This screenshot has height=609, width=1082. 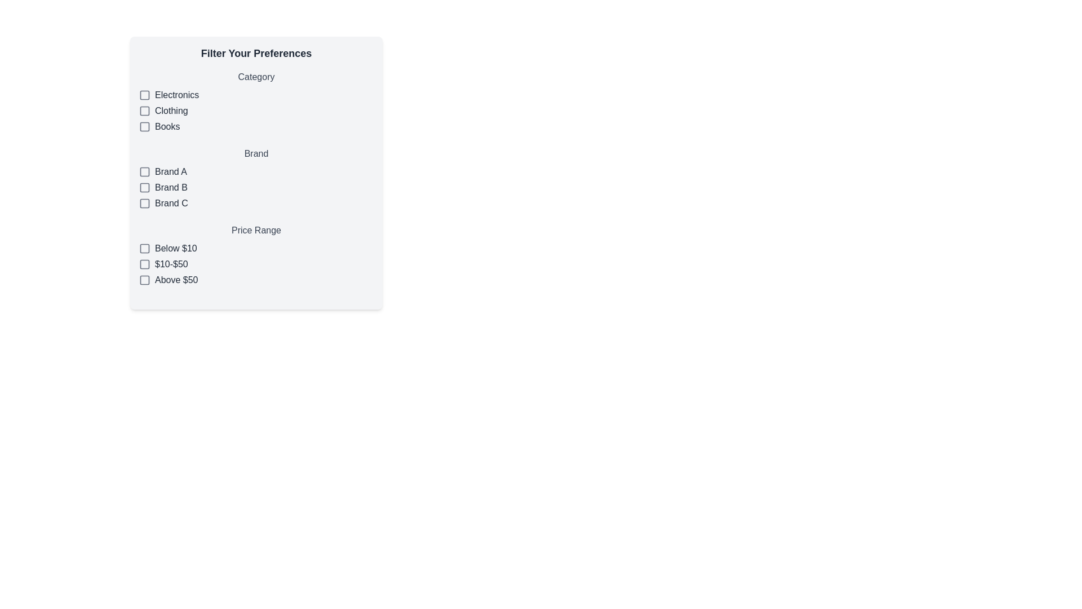 I want to click on the empty square checkbox under the 'Brand B' row, so click(x=144, y=187).